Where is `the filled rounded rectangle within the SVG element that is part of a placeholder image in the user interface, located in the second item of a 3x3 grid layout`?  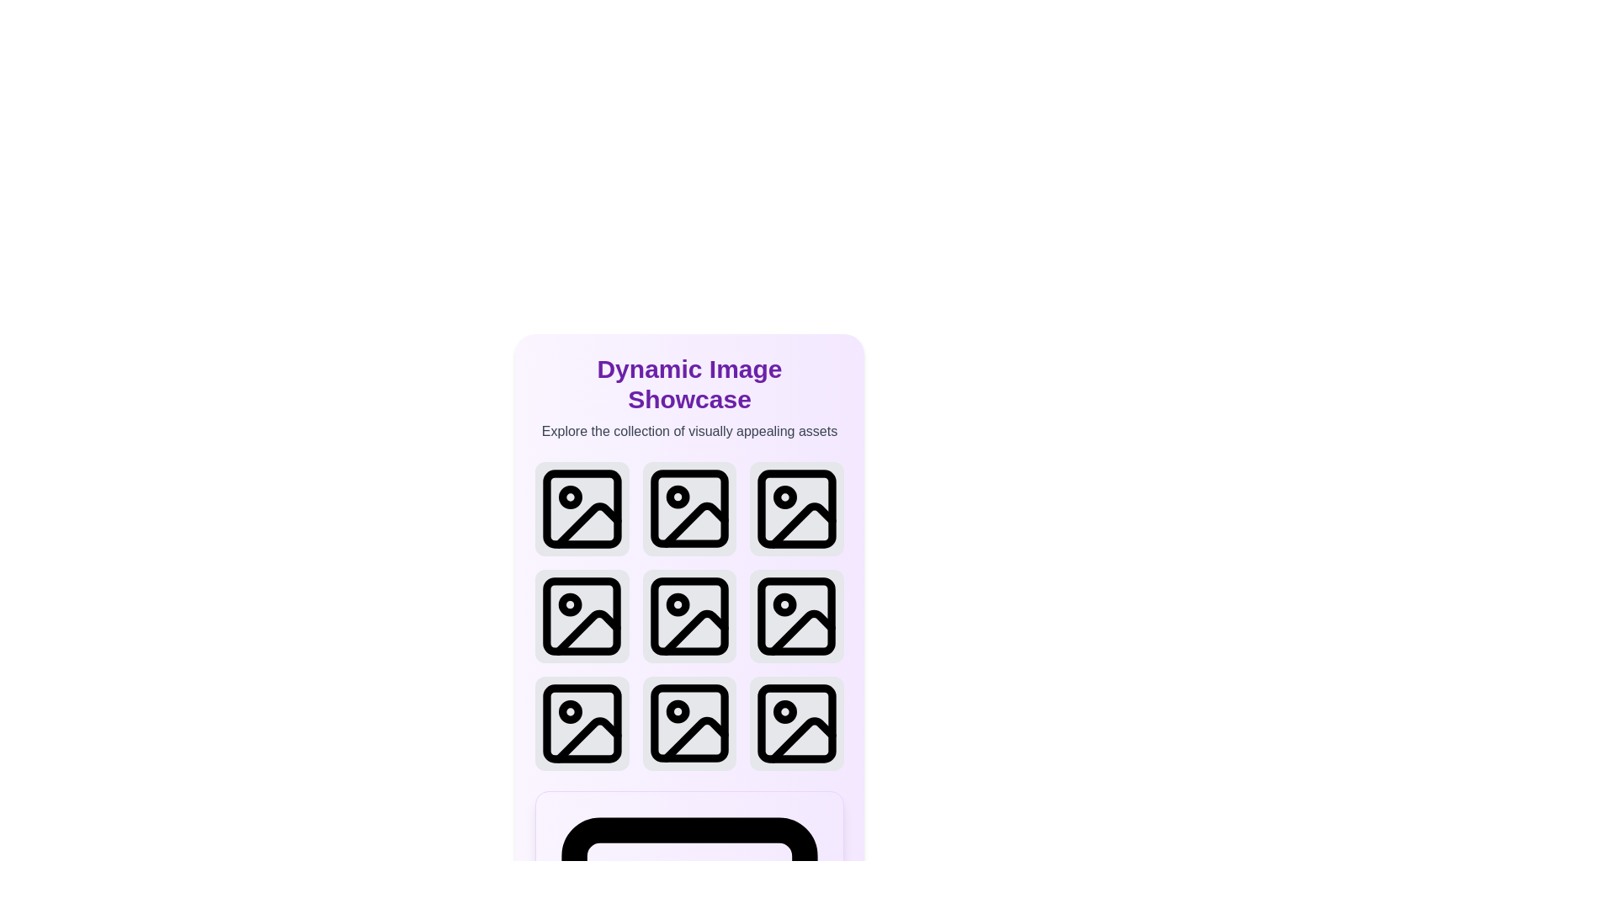 the filled rounded rectangle within the SVG element that is part of a placeholder image in the user interface, located in the second item of a 3x3 grid layout is located at coordinates (689, 508).